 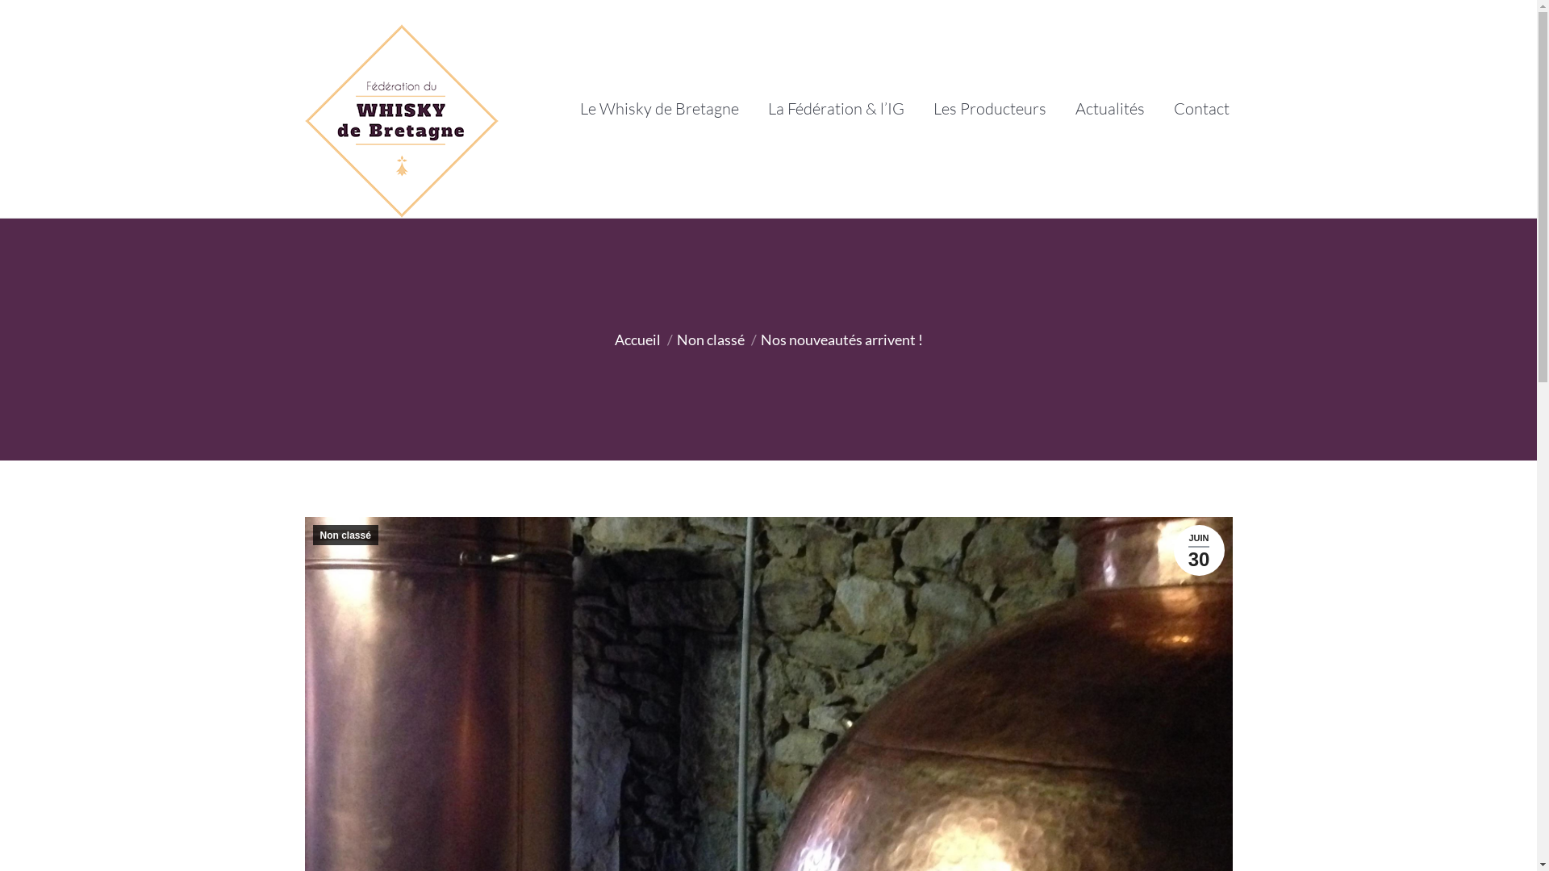 What do you see at coordinates (658, 109) in the screenshot?
I see `'Le Whisky de Bretagne'` at bounding box center [658, 109].